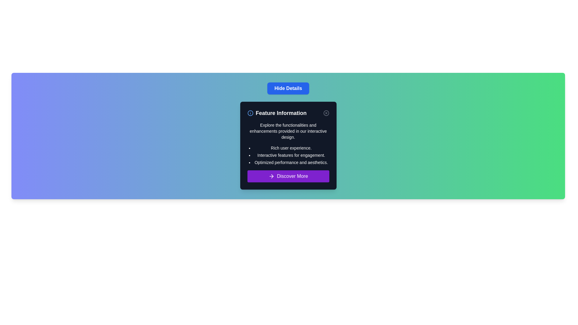 This screenshot has height=325, width=578. Describe the element at coordinates (291, 162) in the screenshot. I see `the text element reading 'Optimized performance and aesthetics.' which is the third item in a vertically arranged bulleted list` at that location.